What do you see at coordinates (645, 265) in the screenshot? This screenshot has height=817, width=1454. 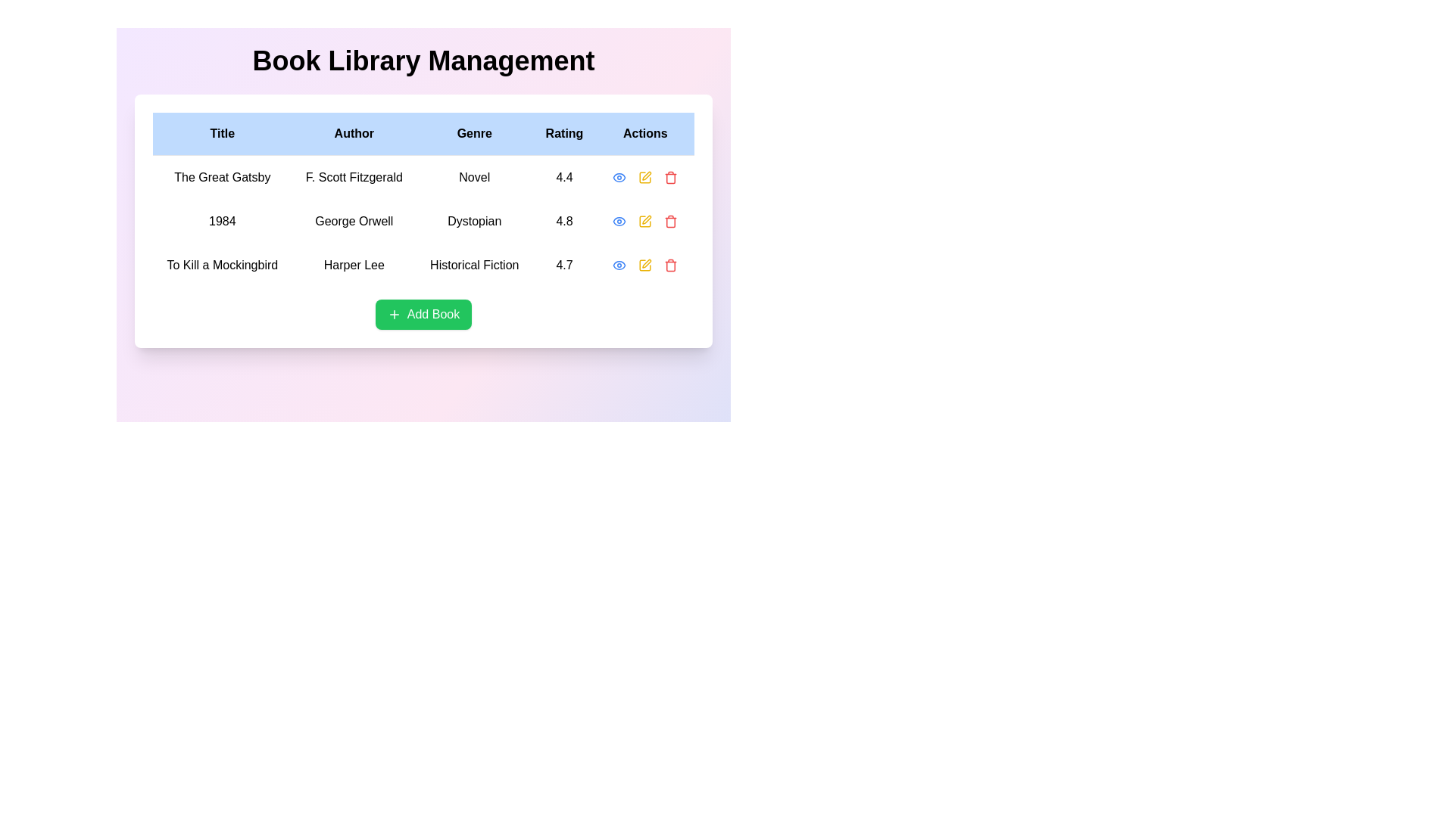 I see `the editing button located in the 'Actions' column for the entry 'To Kill a Mockingbird', which is the second icon from the left, positioned between a blue eye icon and a red trash can icon, to initiate editing` at bounding box center [645, 265].